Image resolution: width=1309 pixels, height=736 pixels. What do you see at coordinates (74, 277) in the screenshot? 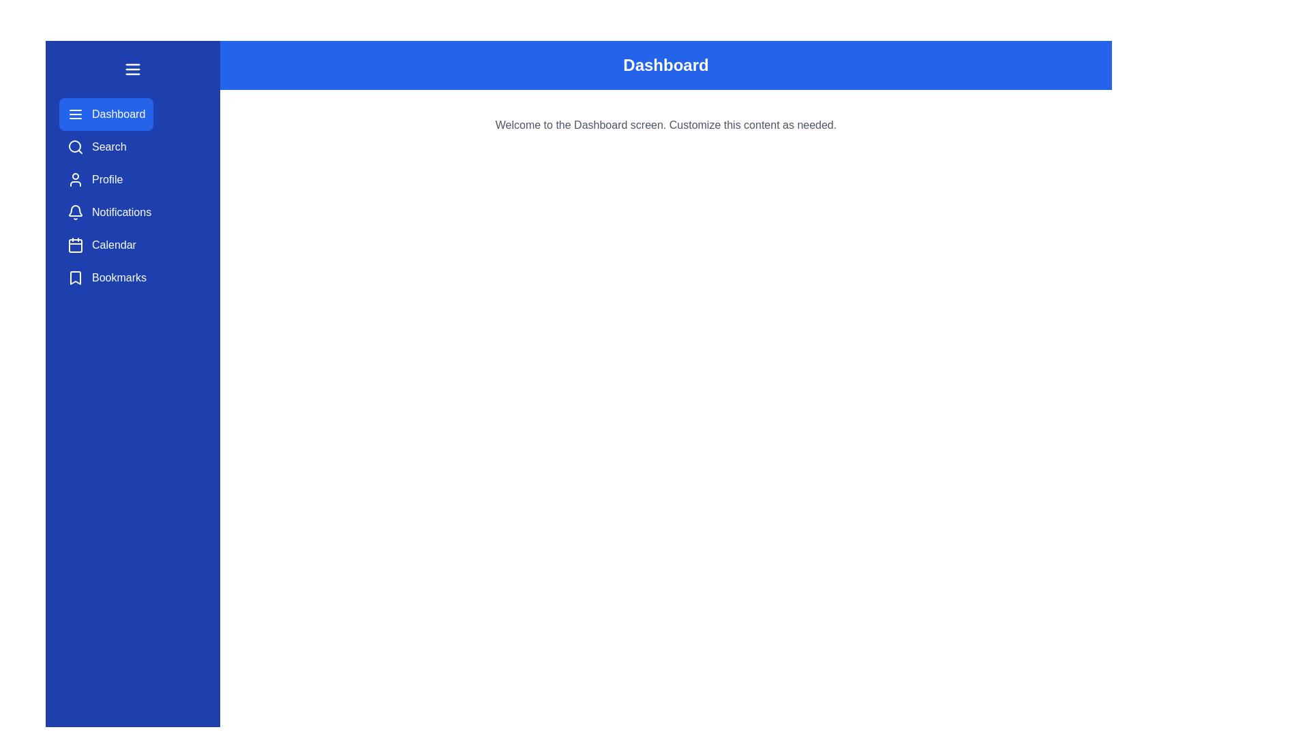
I see `the 'Bookmarks' icon in the sidebar menu` at bounding box center [74, 277].